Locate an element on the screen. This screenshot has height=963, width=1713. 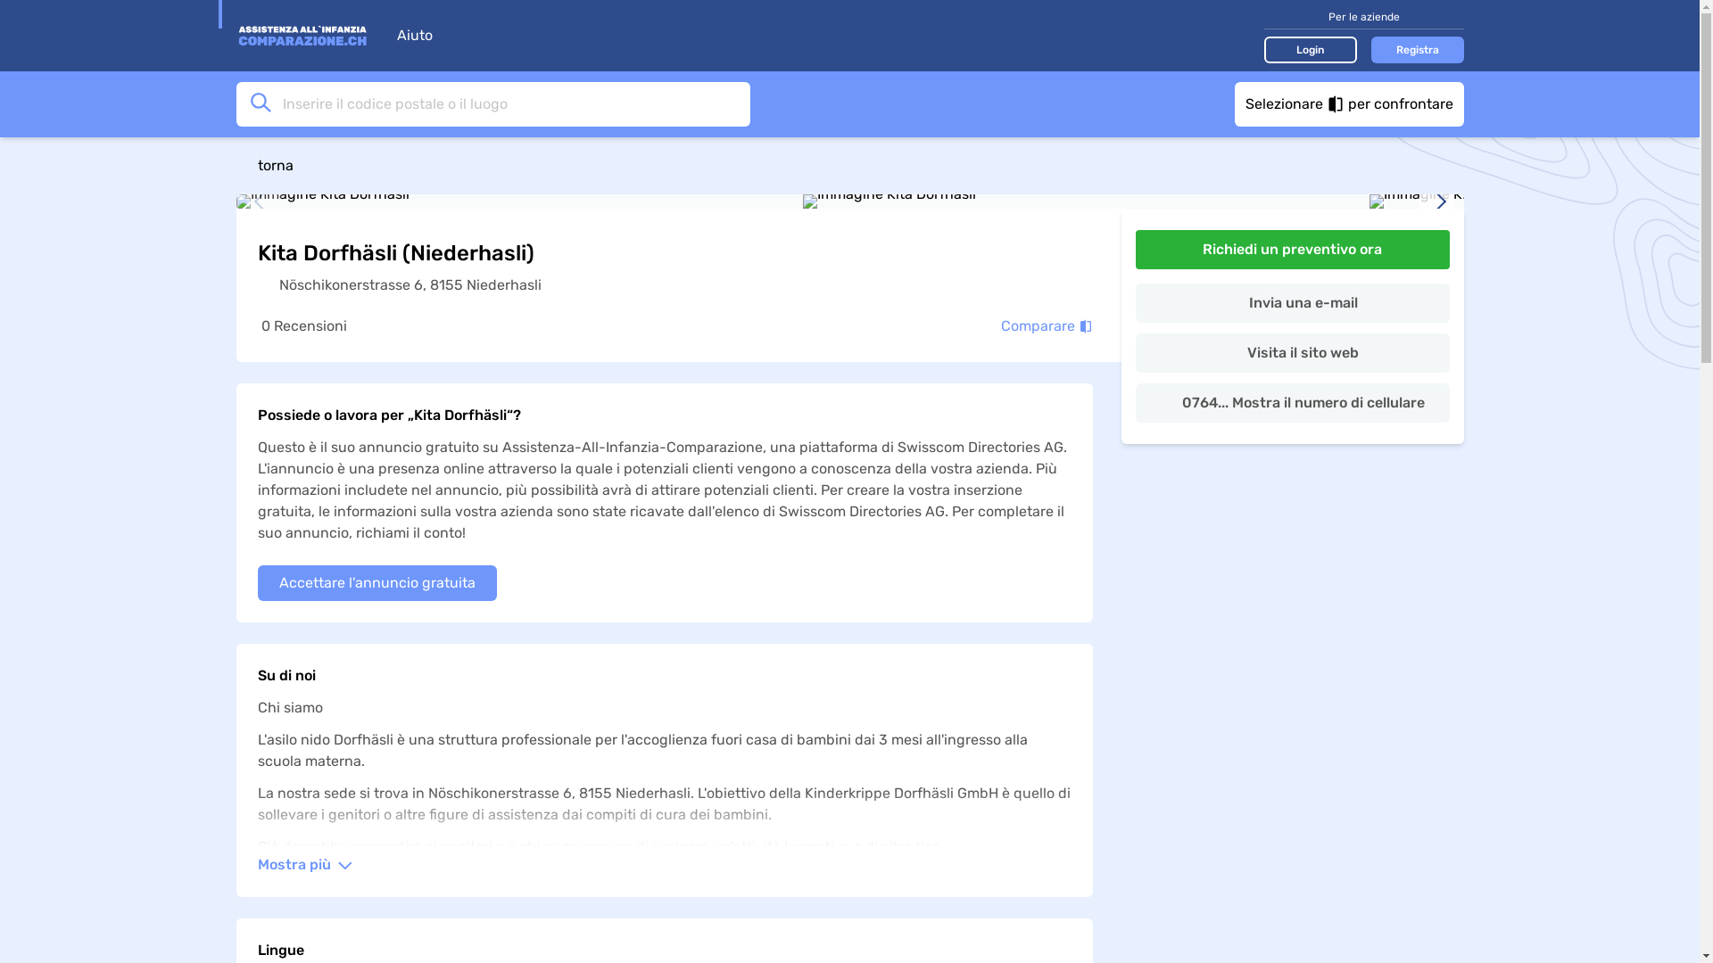
'Richiedi un preventivo ora' is located at coordinates (1292, 250).